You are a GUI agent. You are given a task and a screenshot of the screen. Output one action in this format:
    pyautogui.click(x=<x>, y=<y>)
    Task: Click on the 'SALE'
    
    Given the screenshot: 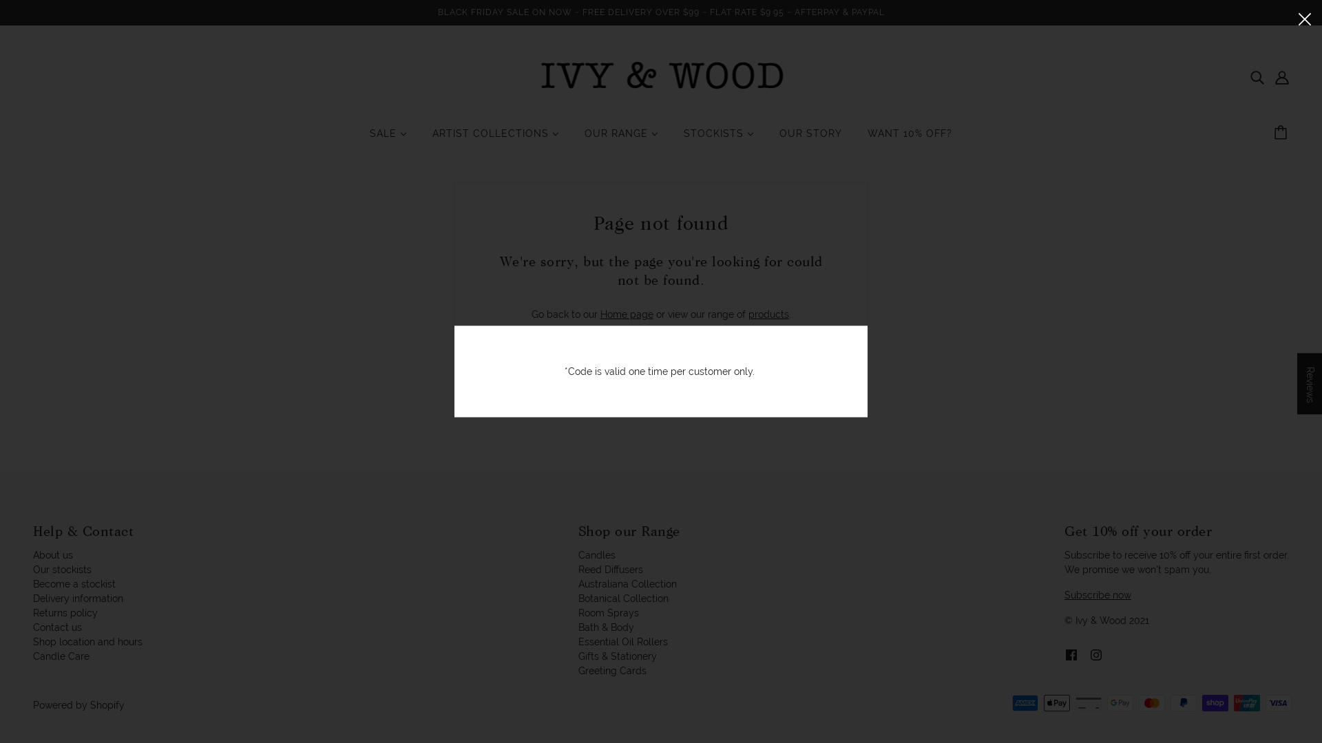 What is the action you would take?
    pyautogui.click(x=388, y=138)
    